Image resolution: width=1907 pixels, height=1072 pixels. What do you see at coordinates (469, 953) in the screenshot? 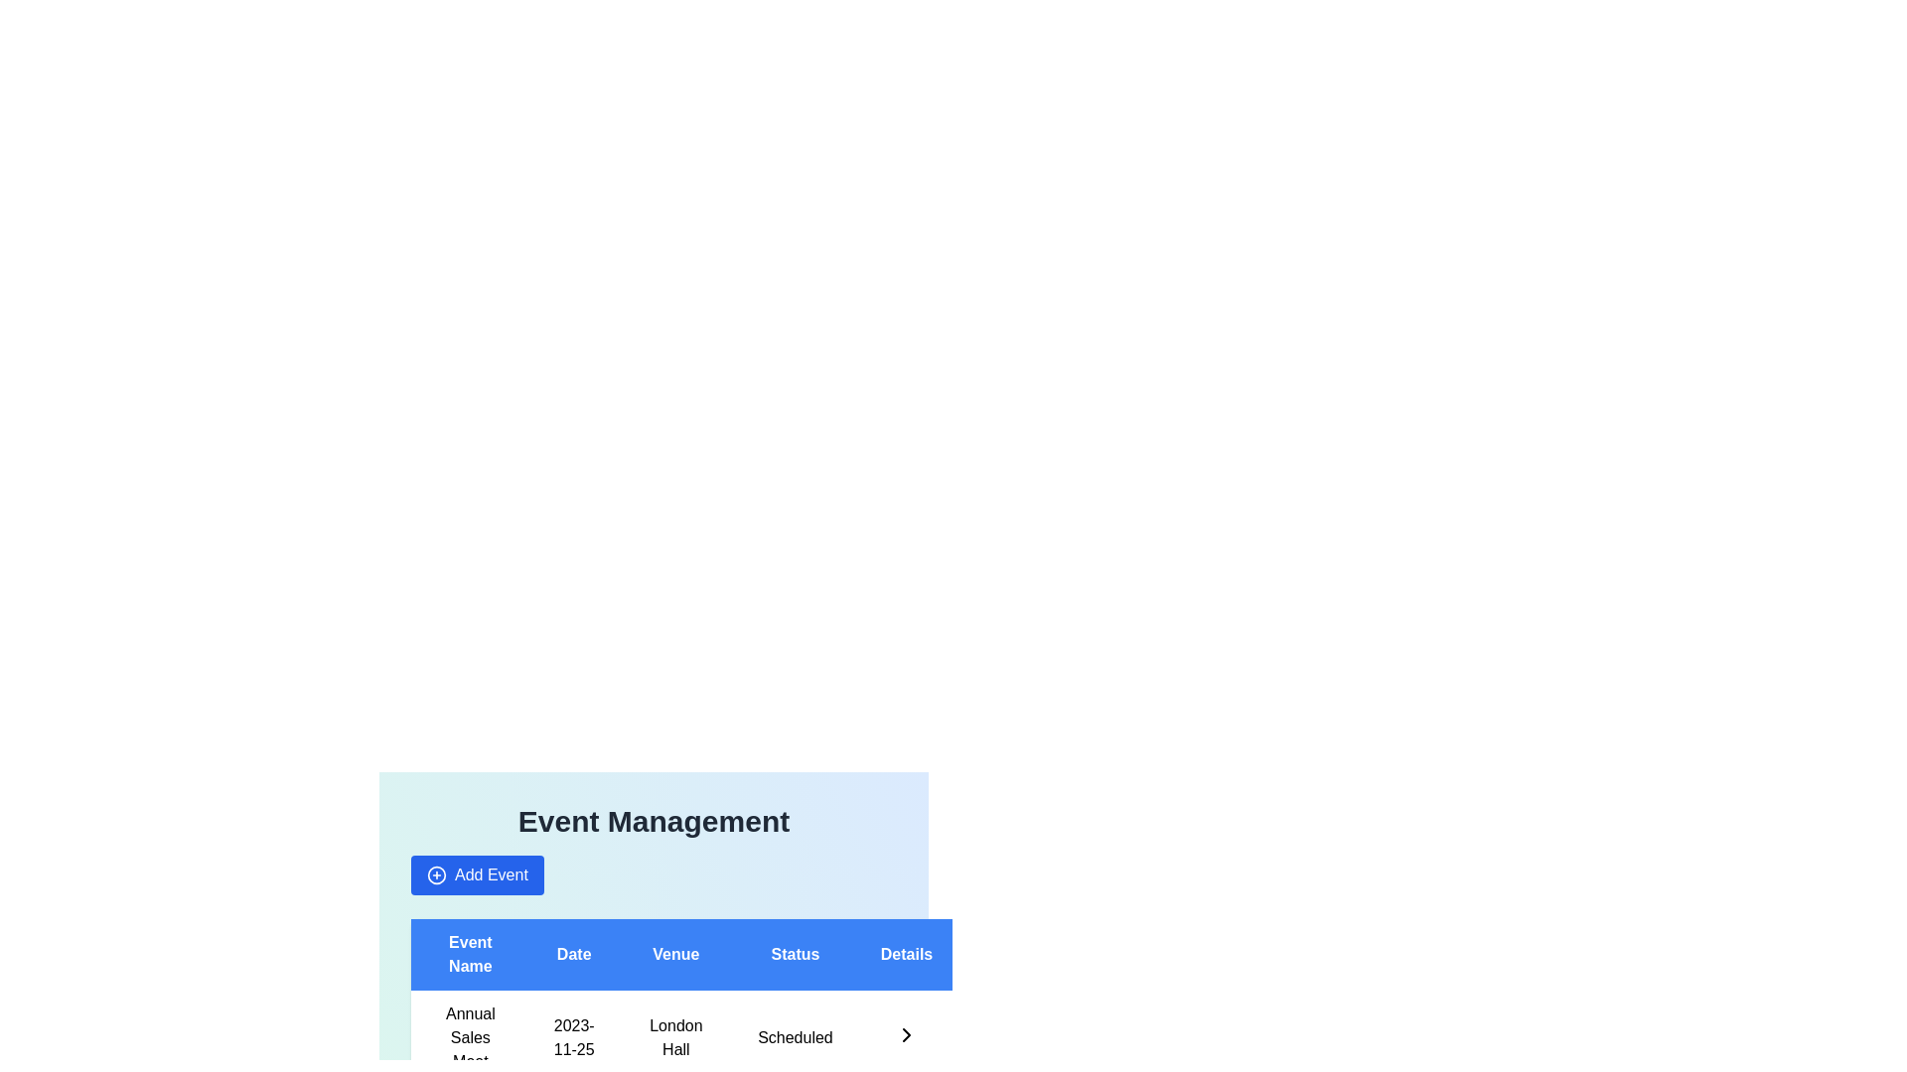
I see `the 'Event Name' text label, which is displayed in white on a blue background and is the first element among its siblings like 'Date', 'Venue', 'Status', and 'Details'` at bounding box center [469, 953].